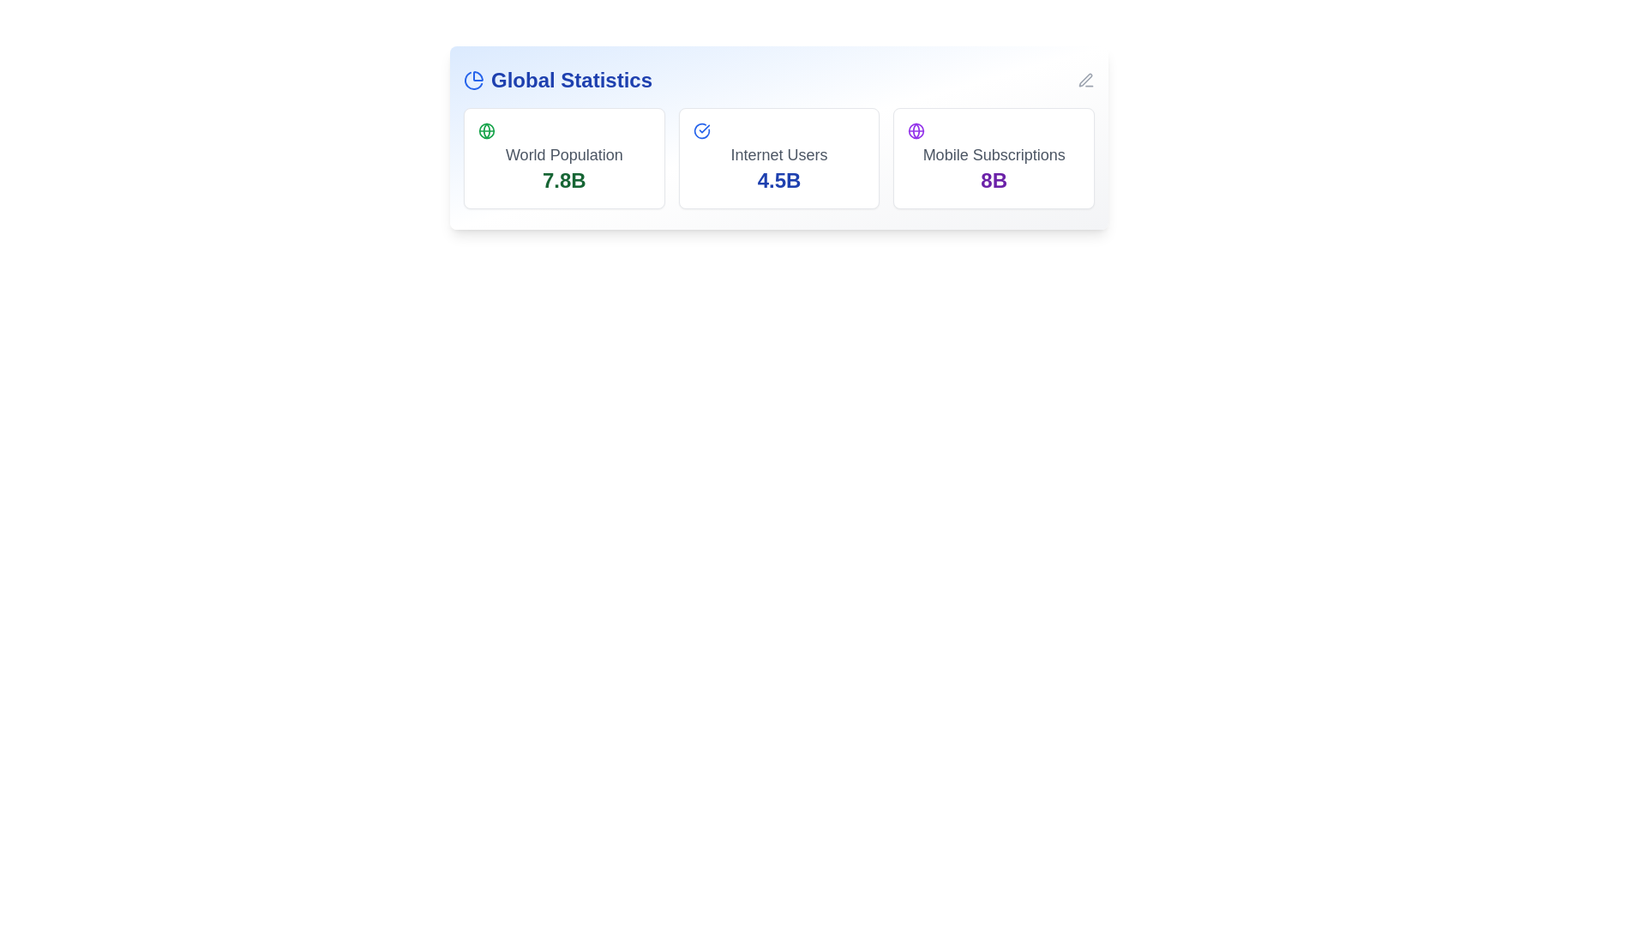 This screenshot has height=926, width=1646. Describe the element at coordinates (564, 155) in the screenshot. I see `the static text label that serves as a title for the demographic statistic in the Global Statistics dashboard, located beneath the globe icon and above the numeric count '7.8B'` at that location.